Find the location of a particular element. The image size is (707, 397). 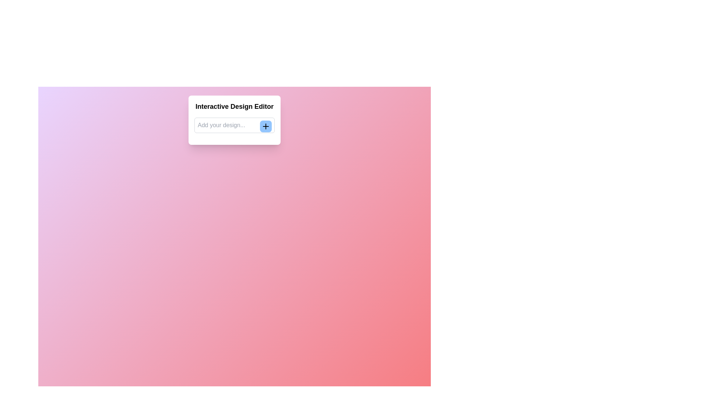

the text input field with placeholder 'Add your design...' is located at coordinates (234, 125).